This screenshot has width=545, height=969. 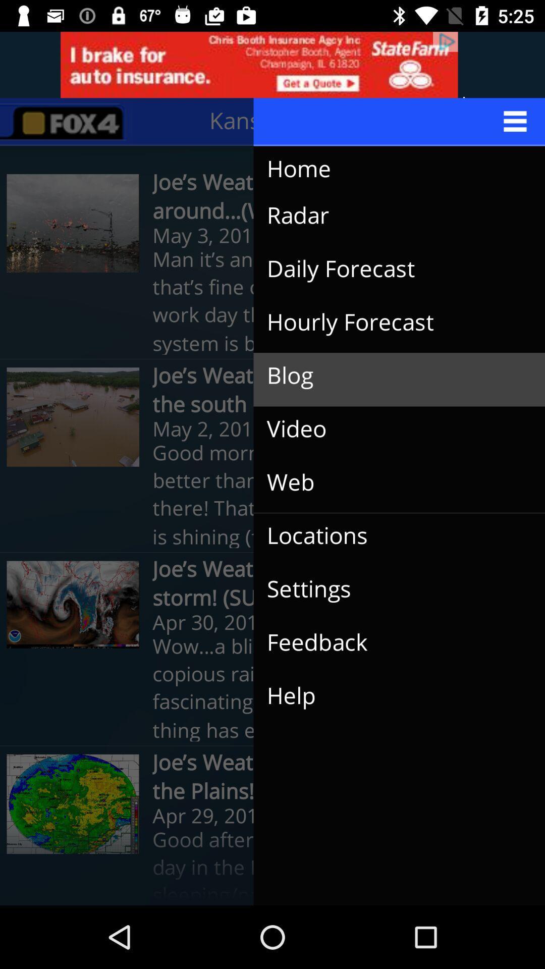 What do you see at coordinates (272, 64) in the screenshot?
I see `open advertisement link` at bounding box center [272, 64].